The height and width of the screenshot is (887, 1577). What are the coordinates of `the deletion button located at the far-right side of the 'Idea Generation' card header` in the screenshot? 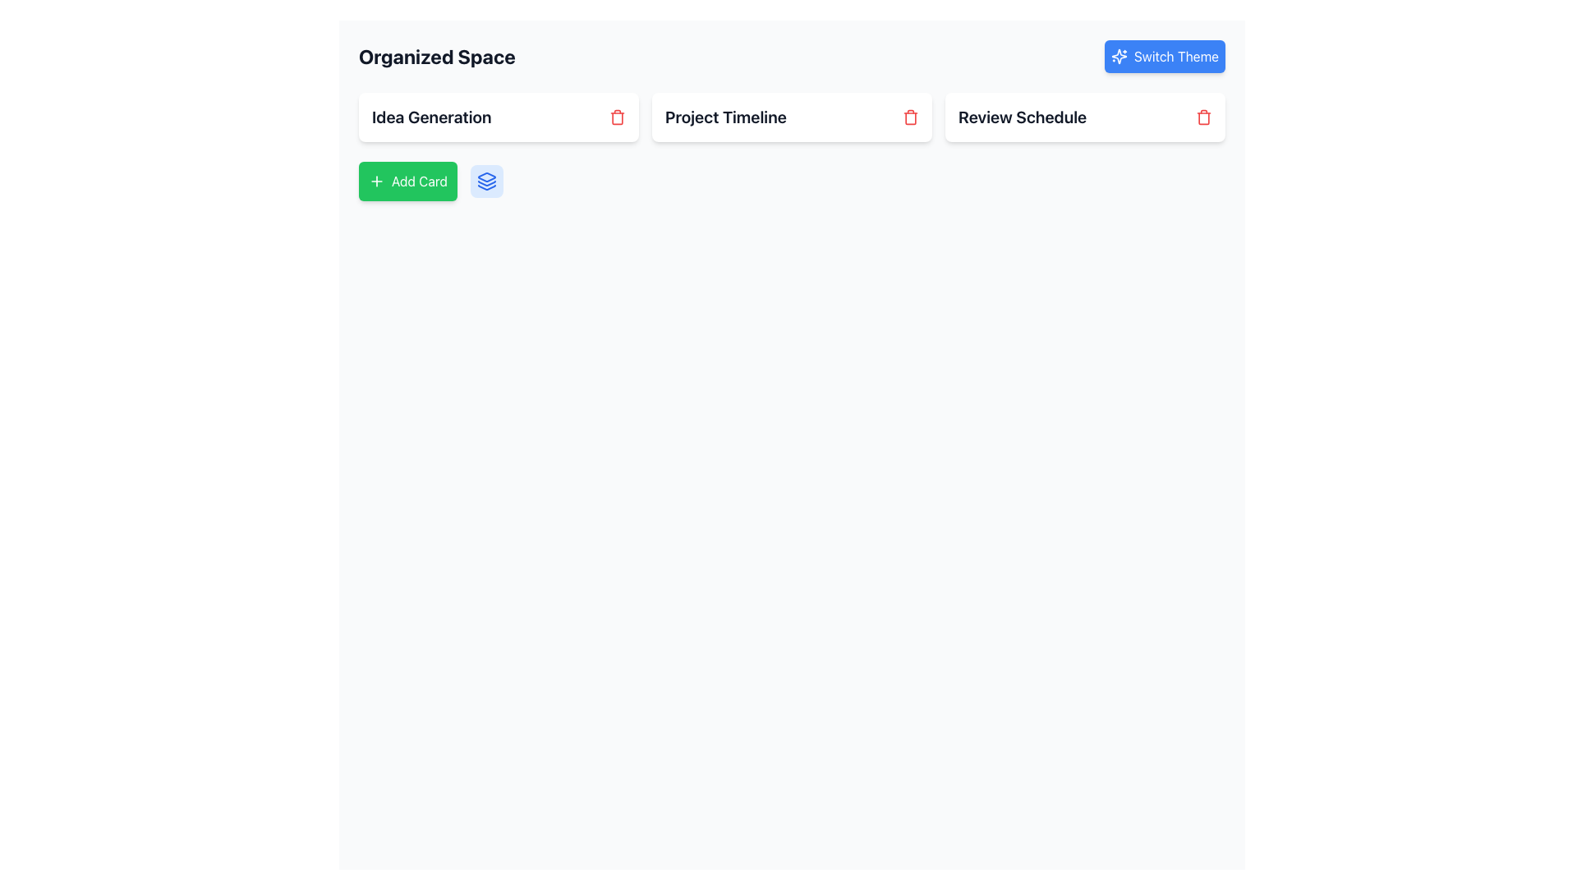 It's located at (617, 116).